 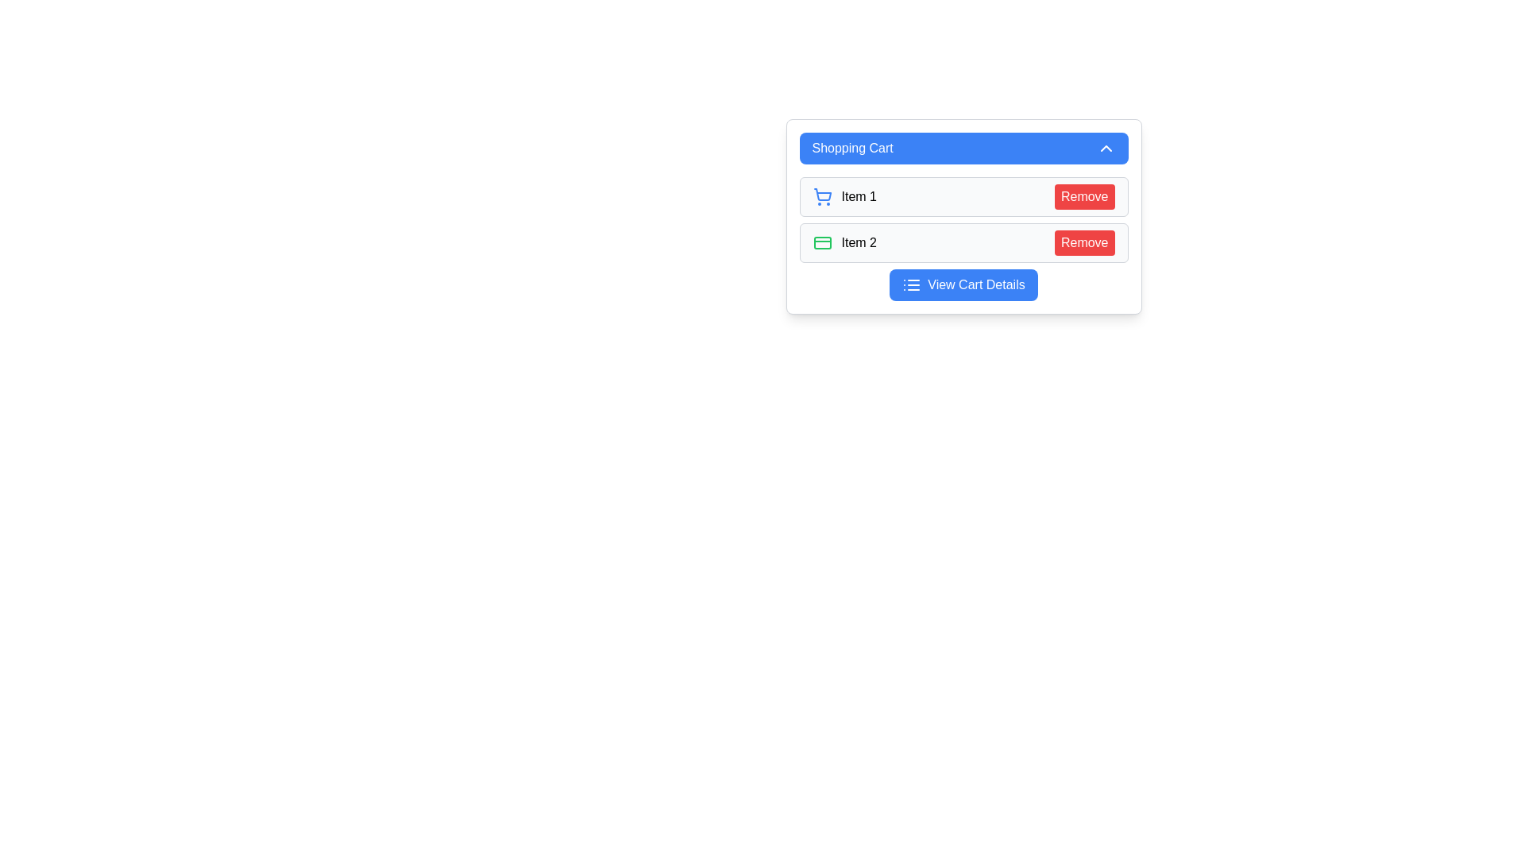 What do you see at coordinates (912, 284) in the screenshot?
I see `the 'View Cart Details' button icon, which is a small list icon with horizontal lines, styled in a white outline on a blue background, located at the bottom-right corner of the shopping cart section` at bounding box center [912, 284].